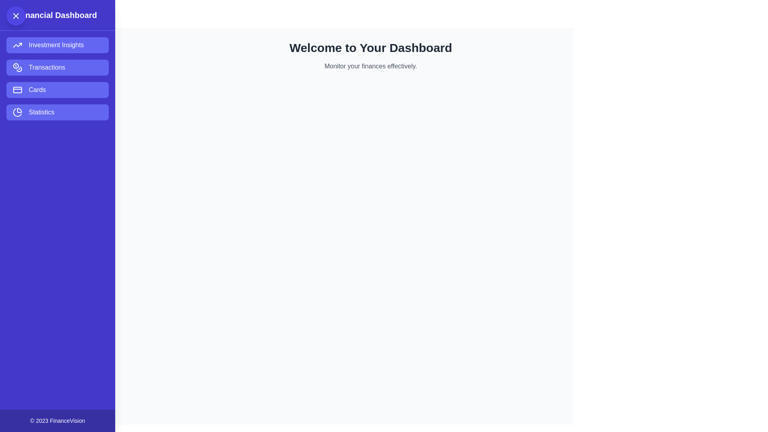  Describe the element at coordinates (46, 67) in the screenshot. I see `over the 'Transactions' text label in the navigation button located on the left sidebar` at that location.